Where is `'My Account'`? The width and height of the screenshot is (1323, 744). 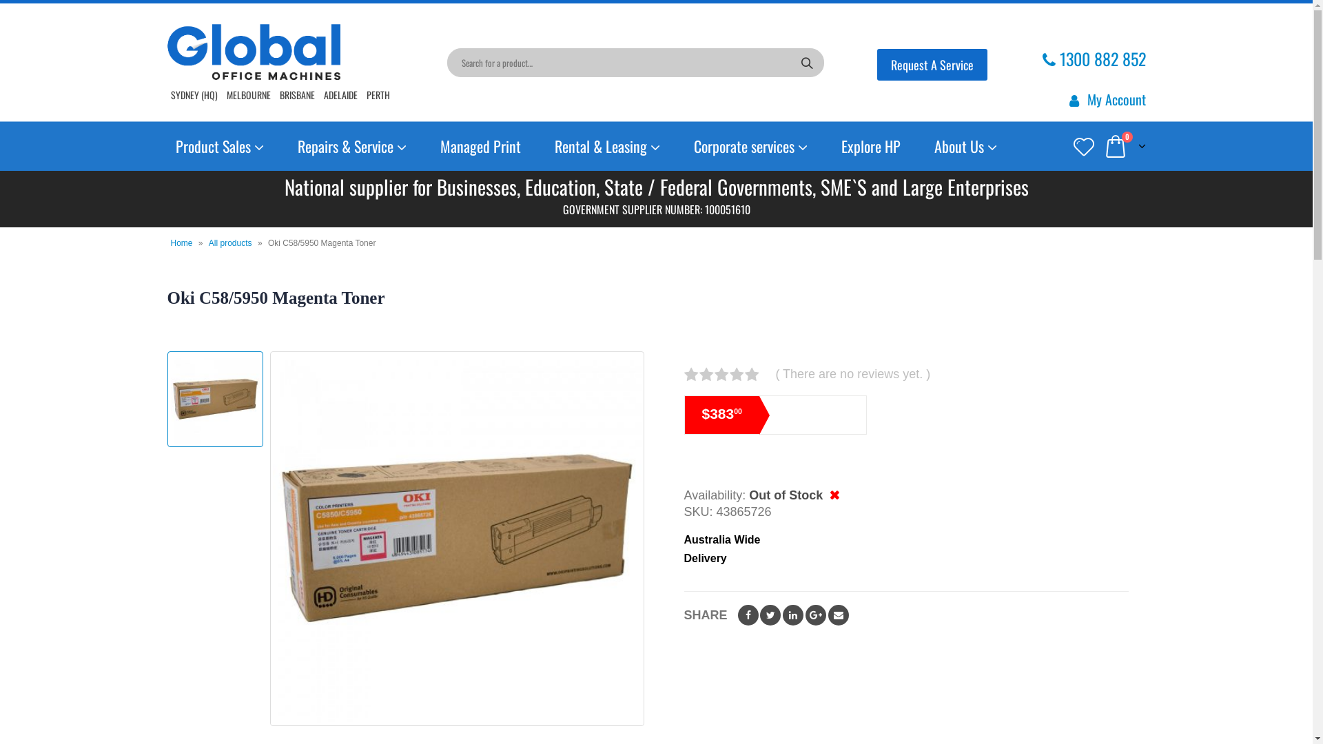
'My Account' is located at coordinates (1105, 98).